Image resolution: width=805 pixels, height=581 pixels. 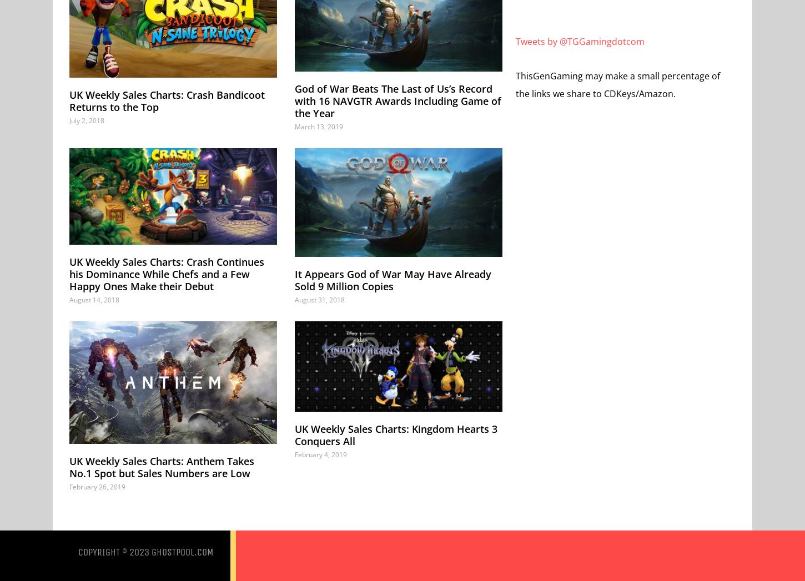 I want to click on 'God of War Beats The Last of Us’s Record with 16 NAVGTR Awards Including Game of the Year', so click(x=397, y=100).